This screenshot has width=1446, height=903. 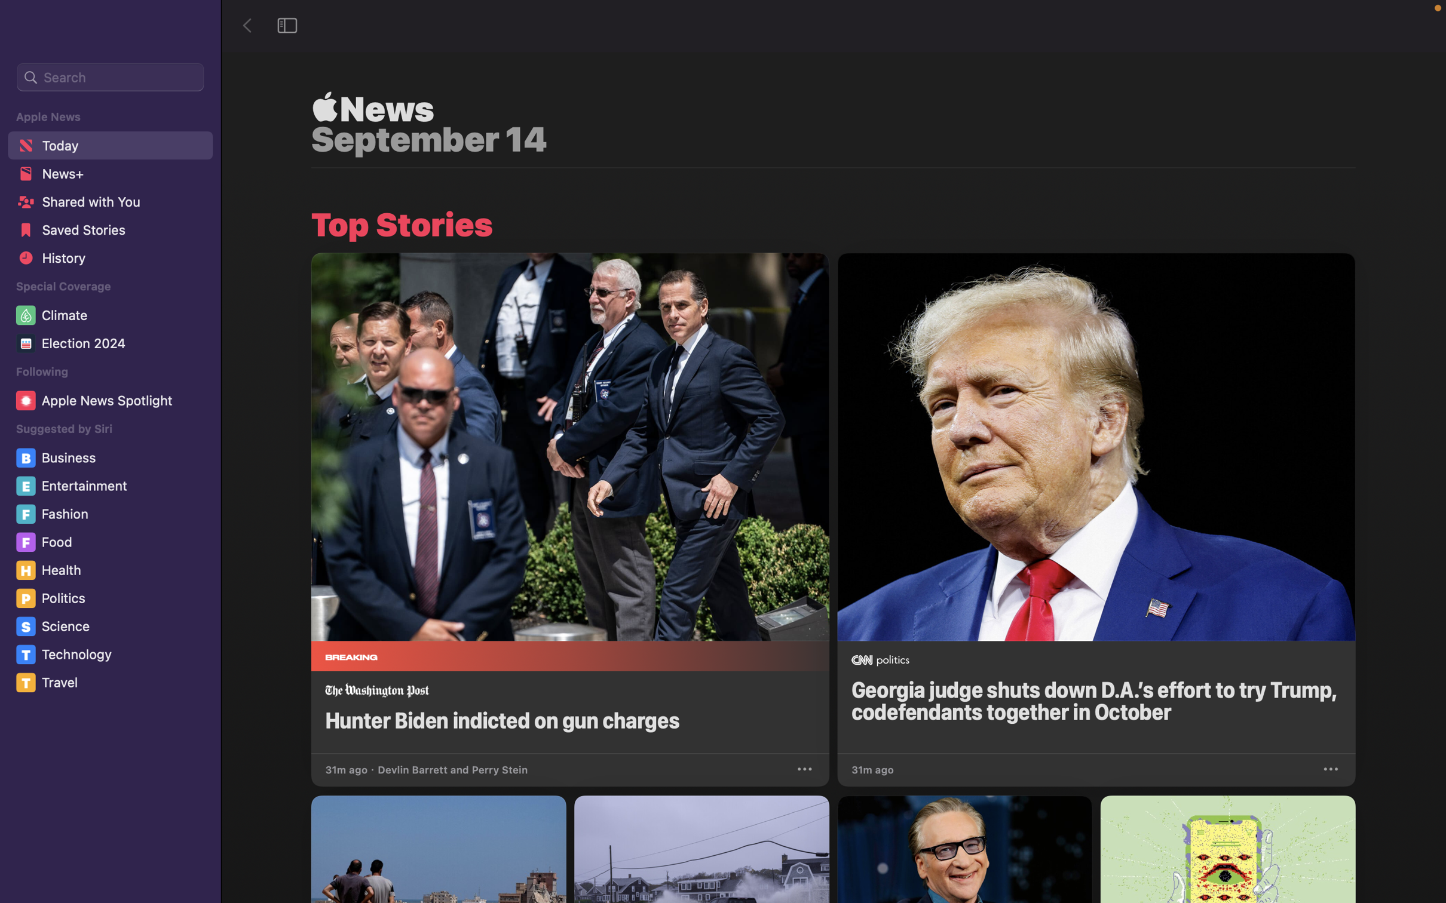 What do you see at coordinates (113, 569) in the screenshot?
I see `the "Health" category` at bounding box center [113, 569].